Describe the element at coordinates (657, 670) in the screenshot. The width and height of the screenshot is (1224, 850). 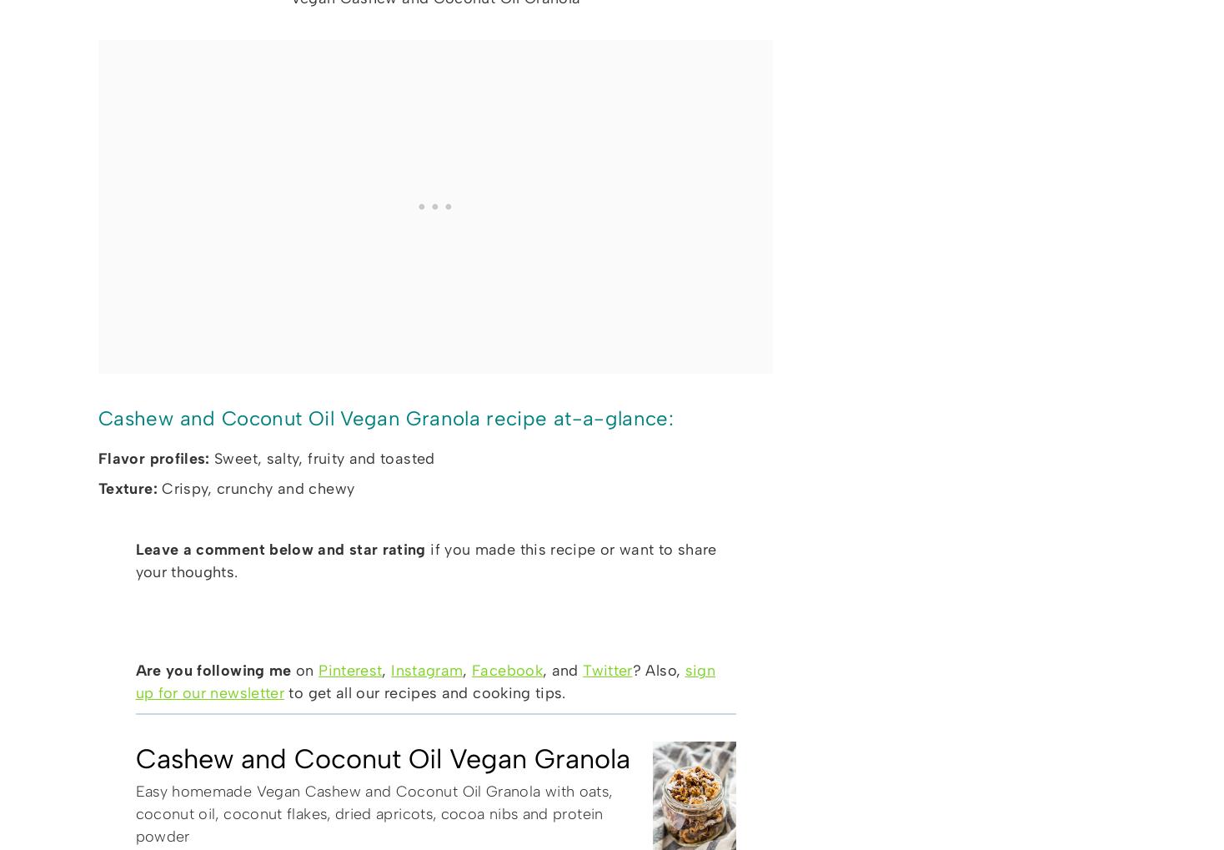
I see `'? Also,'` at that location.